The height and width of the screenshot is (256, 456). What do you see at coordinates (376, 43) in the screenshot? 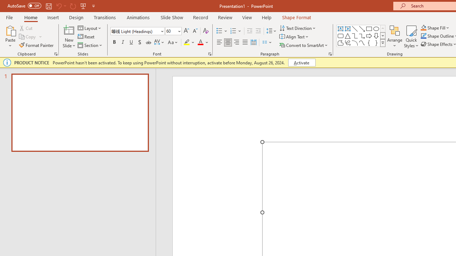
I see `'Right Brace'` at bounding box center [376, 43].